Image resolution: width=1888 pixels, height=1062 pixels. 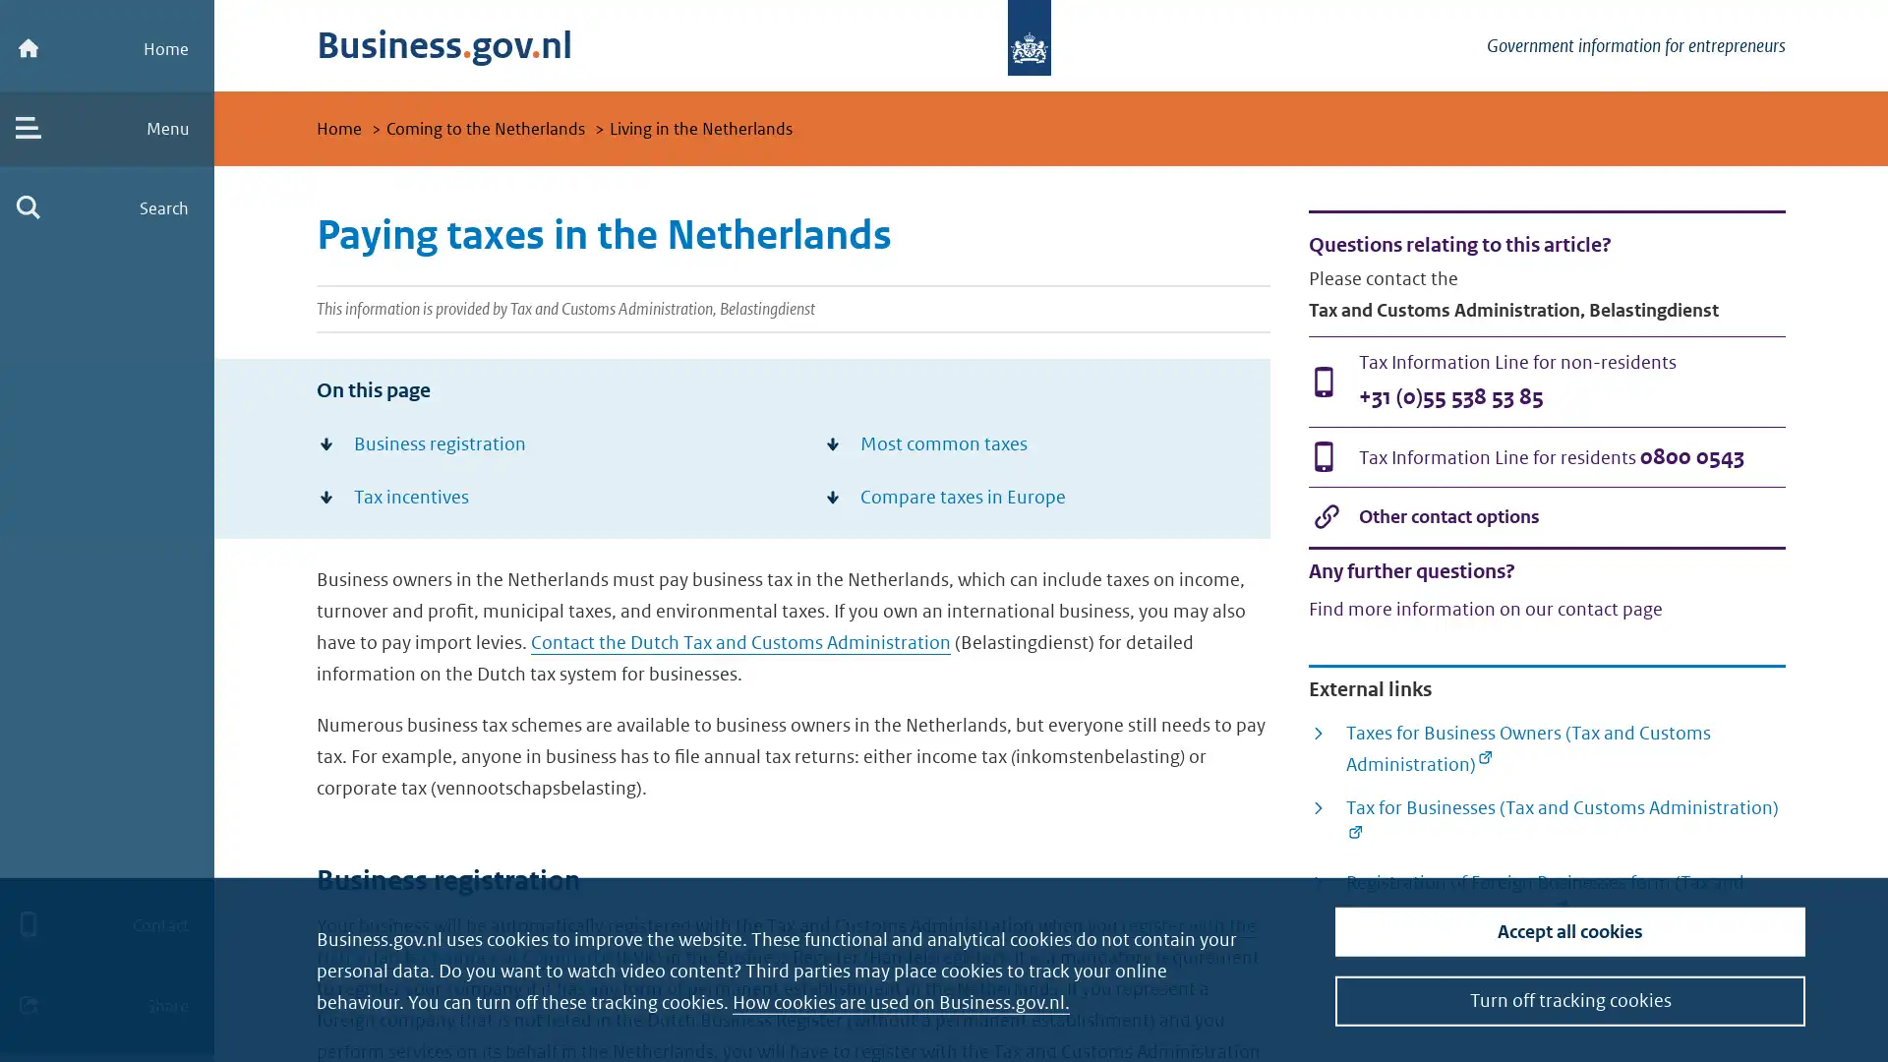 I want to click on Turn off tracking cookies, so click(x=1569, y=997).